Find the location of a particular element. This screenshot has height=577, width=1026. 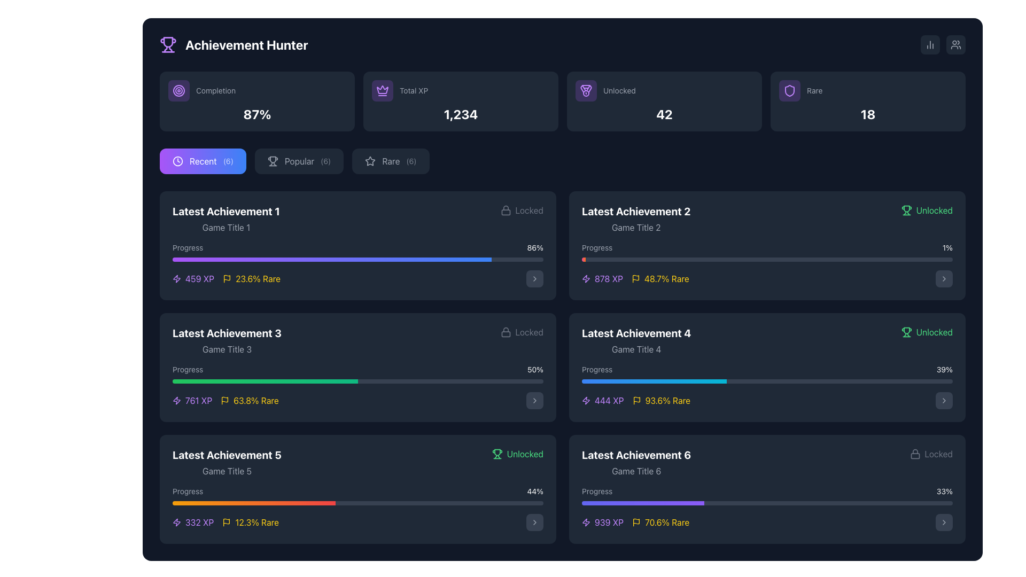

the flag icon indicating rarity status located to the left of the '93.6% Rare' text in the 'Latest Achievement 4' section of the achievement list is located at coordinates (636, 400).